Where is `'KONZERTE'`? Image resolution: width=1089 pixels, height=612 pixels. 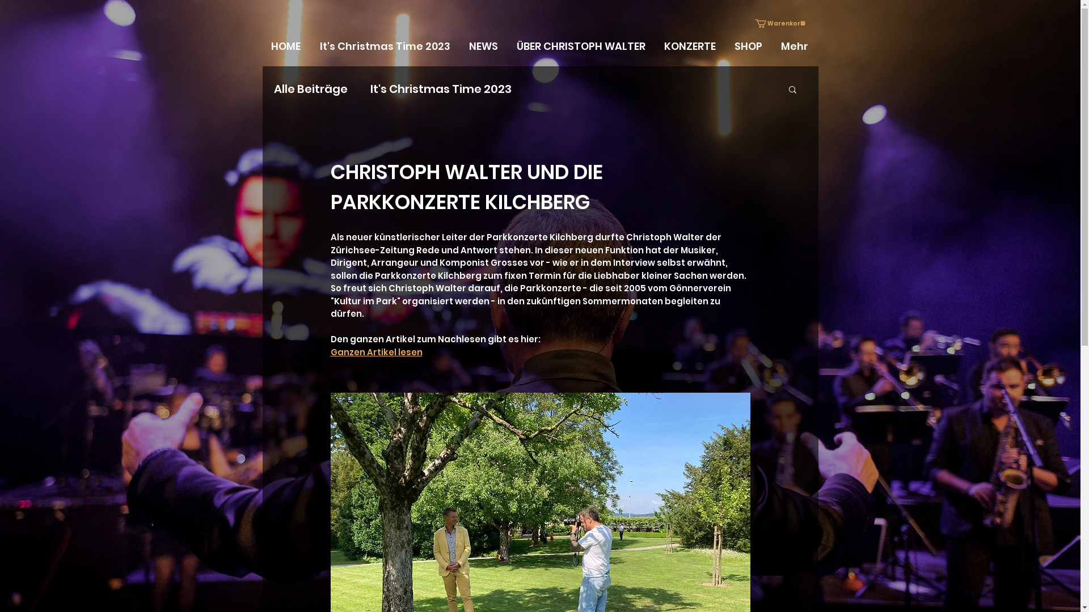
'KONZERTE' is located at coordinates (690, 45).